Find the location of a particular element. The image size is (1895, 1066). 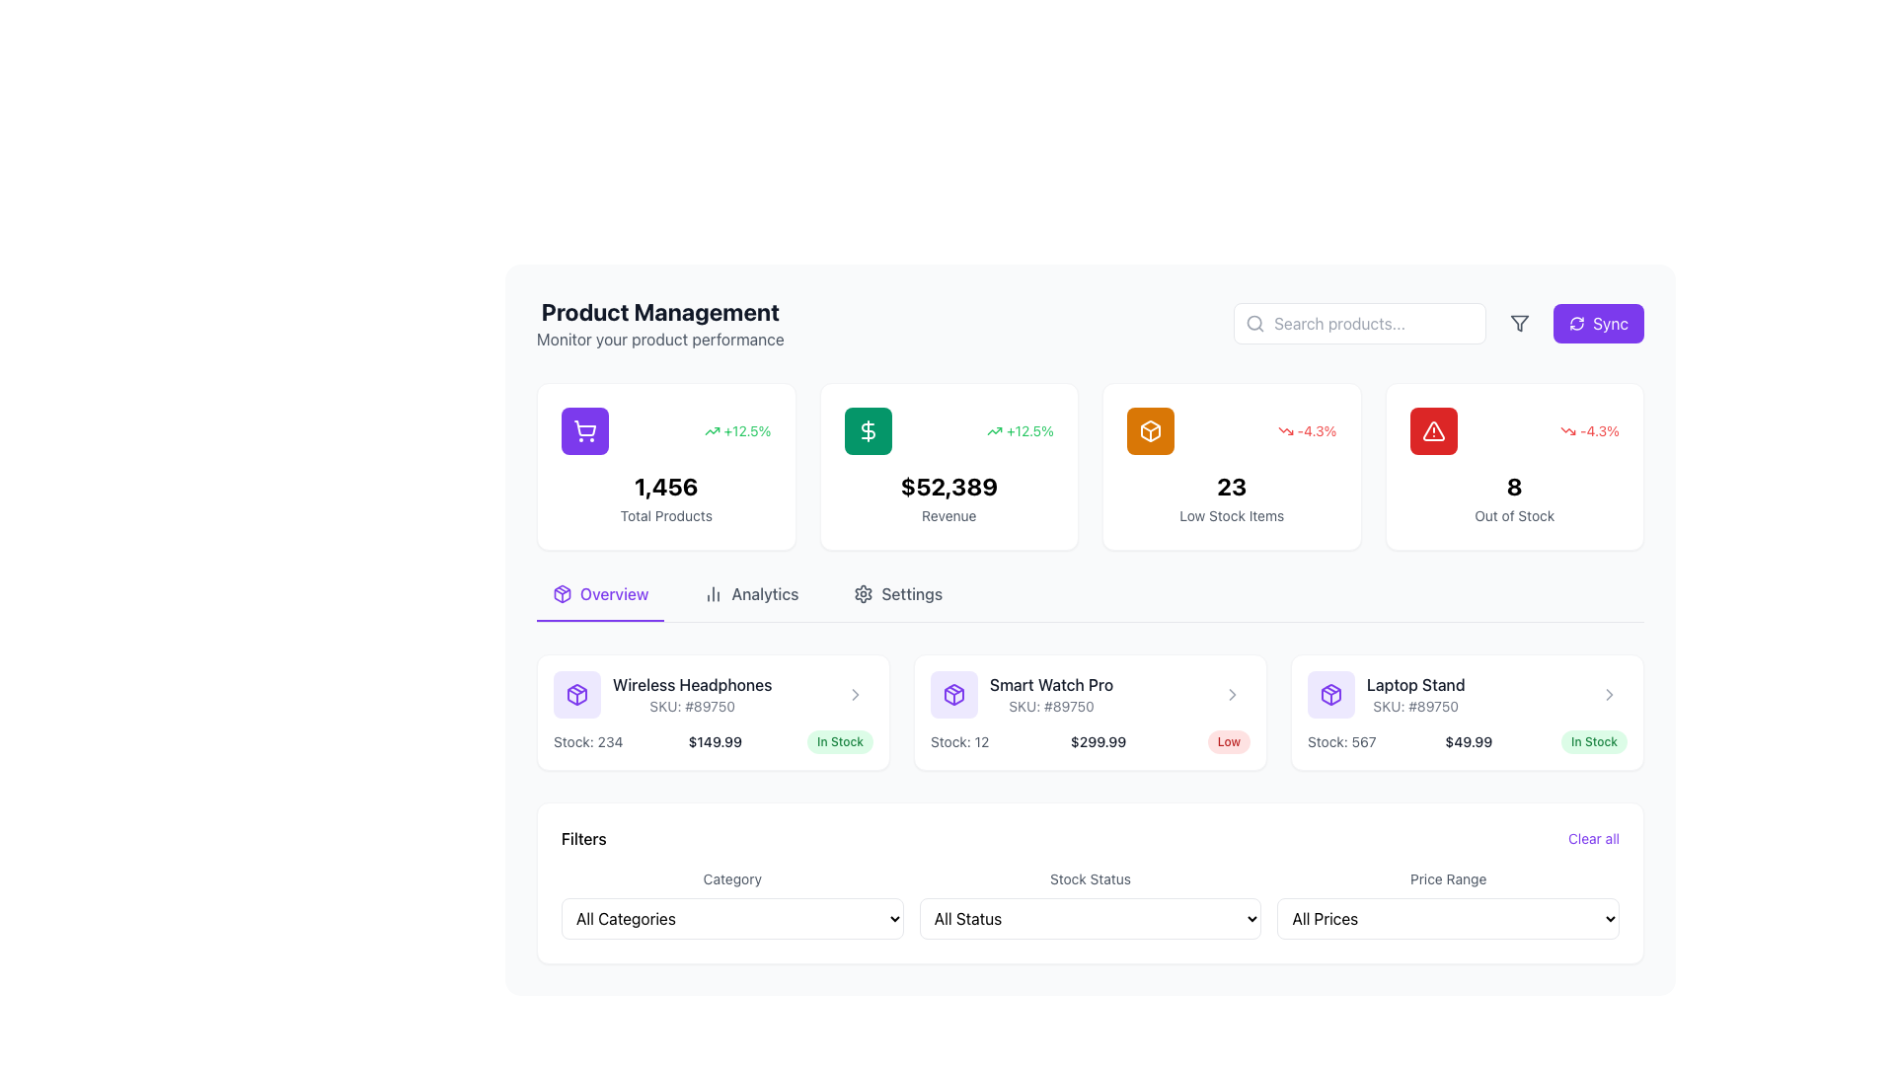

the chevron icon in the top-right corner of the 'Smart Watch Pro' product card is located at coordinates (1231, 694).